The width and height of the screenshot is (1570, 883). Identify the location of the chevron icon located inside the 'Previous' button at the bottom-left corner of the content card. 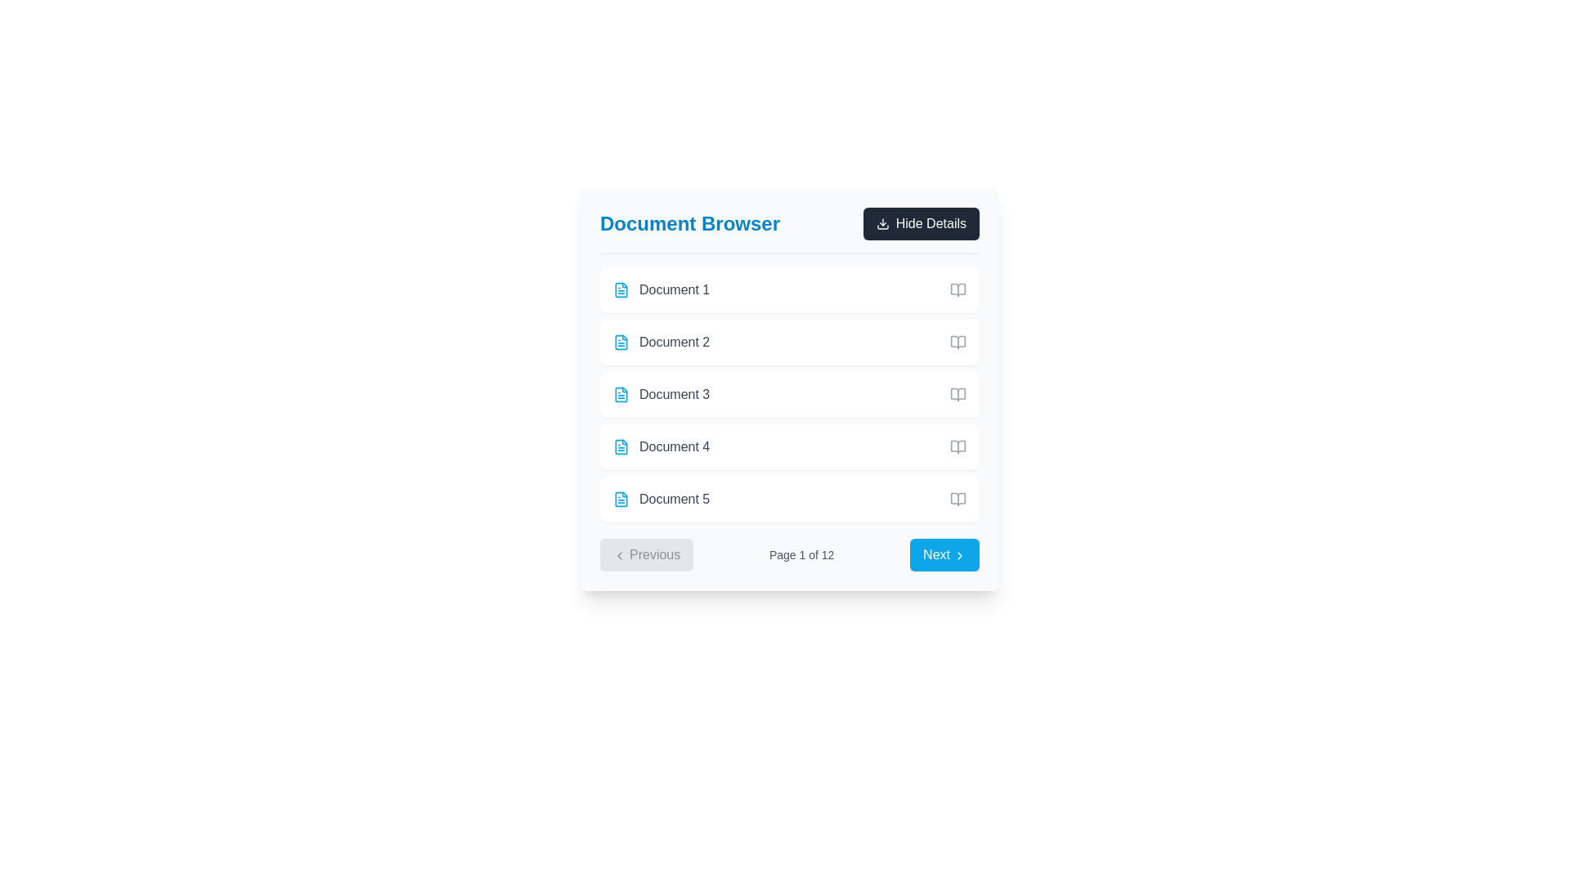
(619, 554).